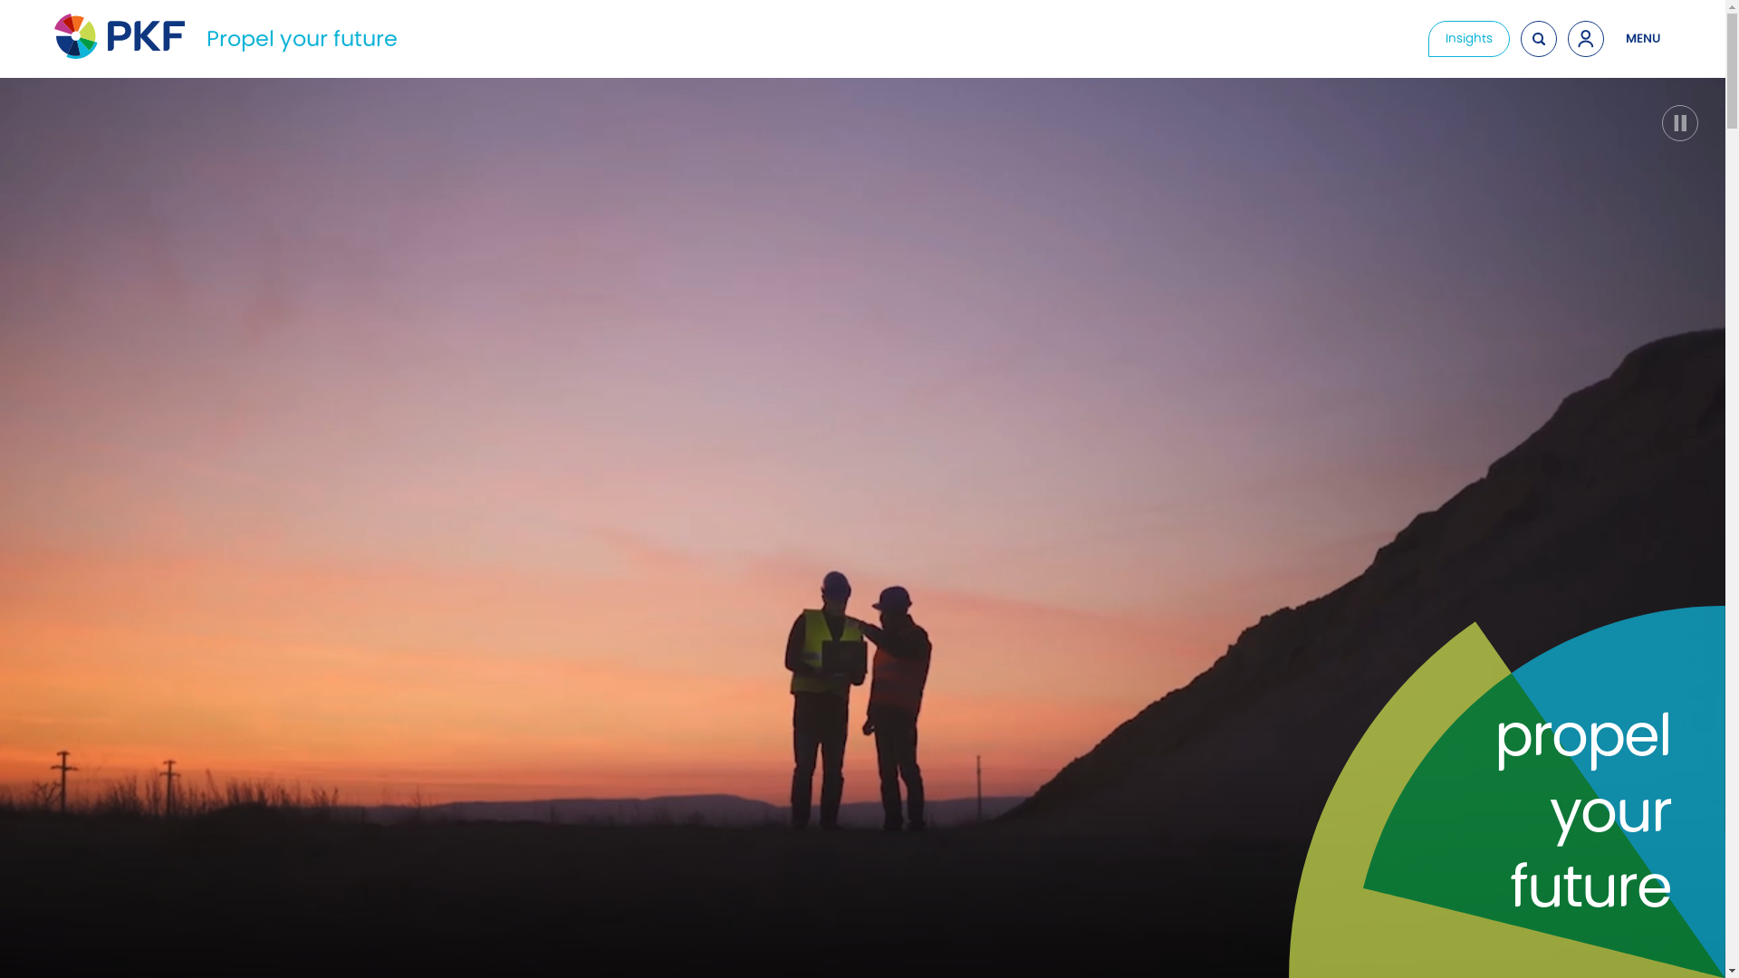 The width and height of the screenshot is (1739, 978). Describe the element at coordinates (1585, 38) in the screenshot. I see `'Access Client Portal'` at that location.